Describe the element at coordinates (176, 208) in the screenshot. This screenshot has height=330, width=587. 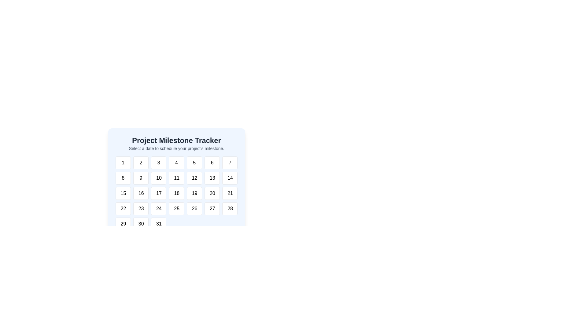
I see `the button displaying the number '25' in bold black font, located in the last row of the calendar grid under 'Project Milestone Tracker'` at that location.